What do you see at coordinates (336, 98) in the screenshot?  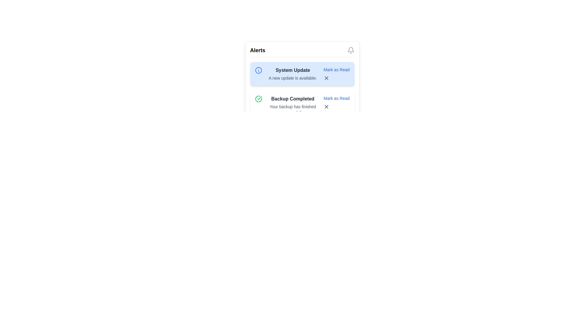 I see `the 'Mark as Read' text button, which is styled in blue and appears beside the 'Backup Completed' notification entry` at bounding box center [336, 98].